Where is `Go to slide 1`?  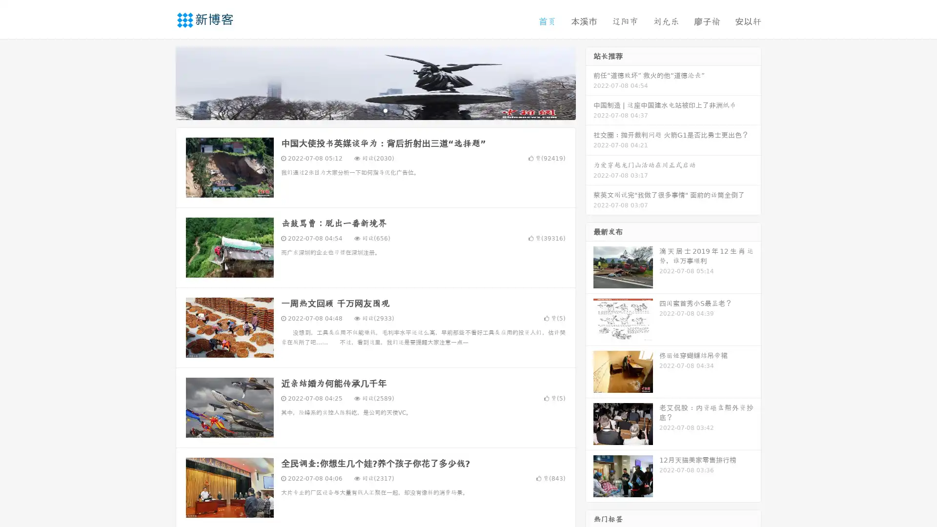
Go to slide 1 is located at coordinates (365, 110).